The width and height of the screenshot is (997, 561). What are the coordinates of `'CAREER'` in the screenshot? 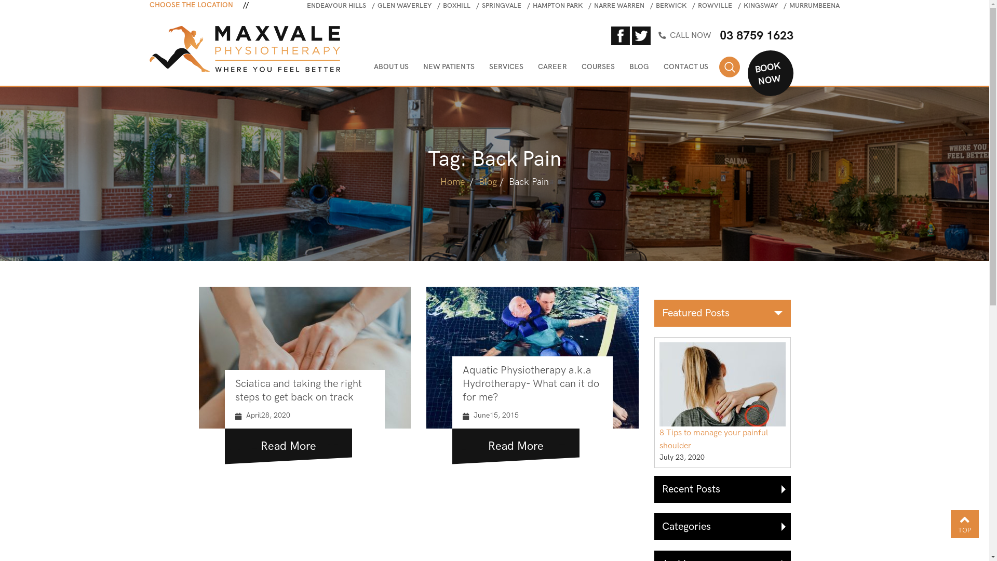 It's located at (551, 69).